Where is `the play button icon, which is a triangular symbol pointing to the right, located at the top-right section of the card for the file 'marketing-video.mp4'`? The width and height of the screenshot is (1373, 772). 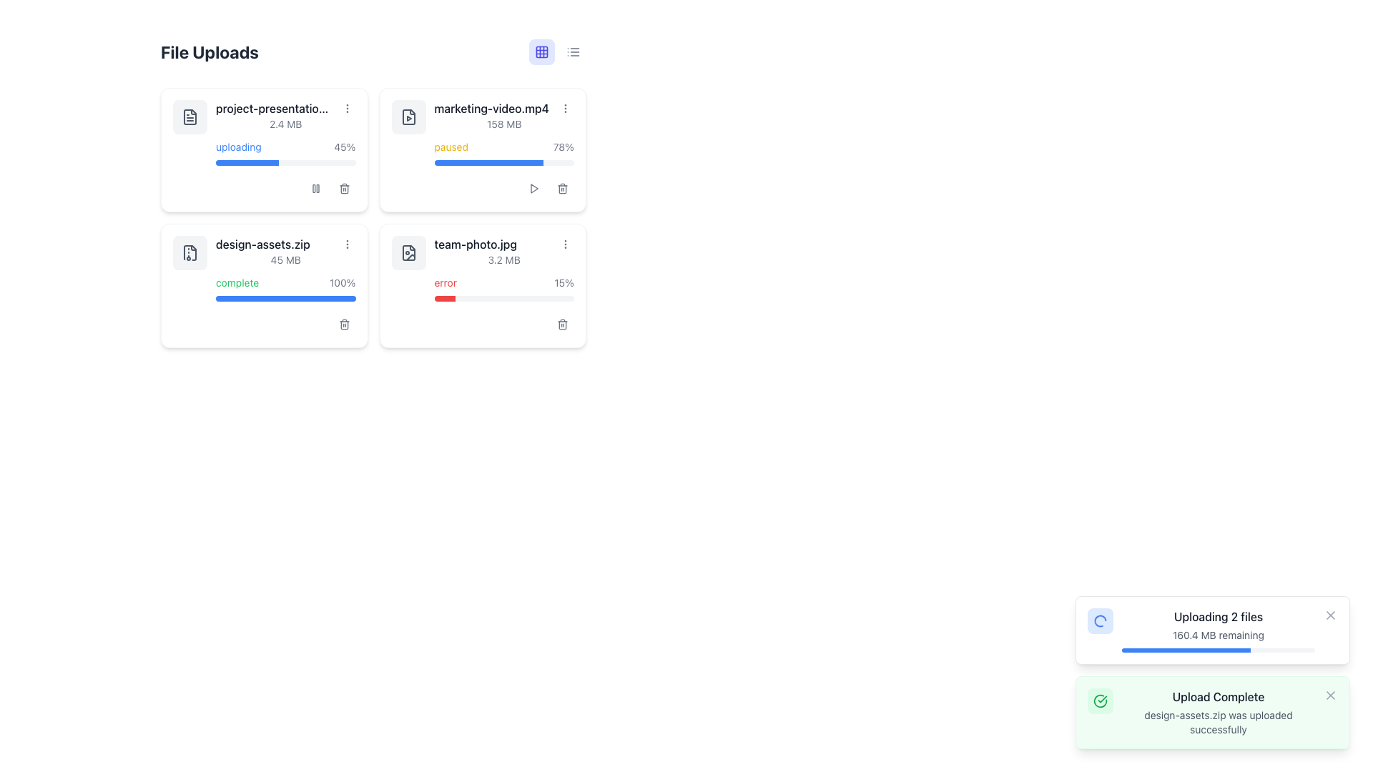 the play button icon, which is a triangular symbol pointing to the right, located at the top-right section of the card for the file 'marketing-video.mp4' is located at coordinates (533, 187).